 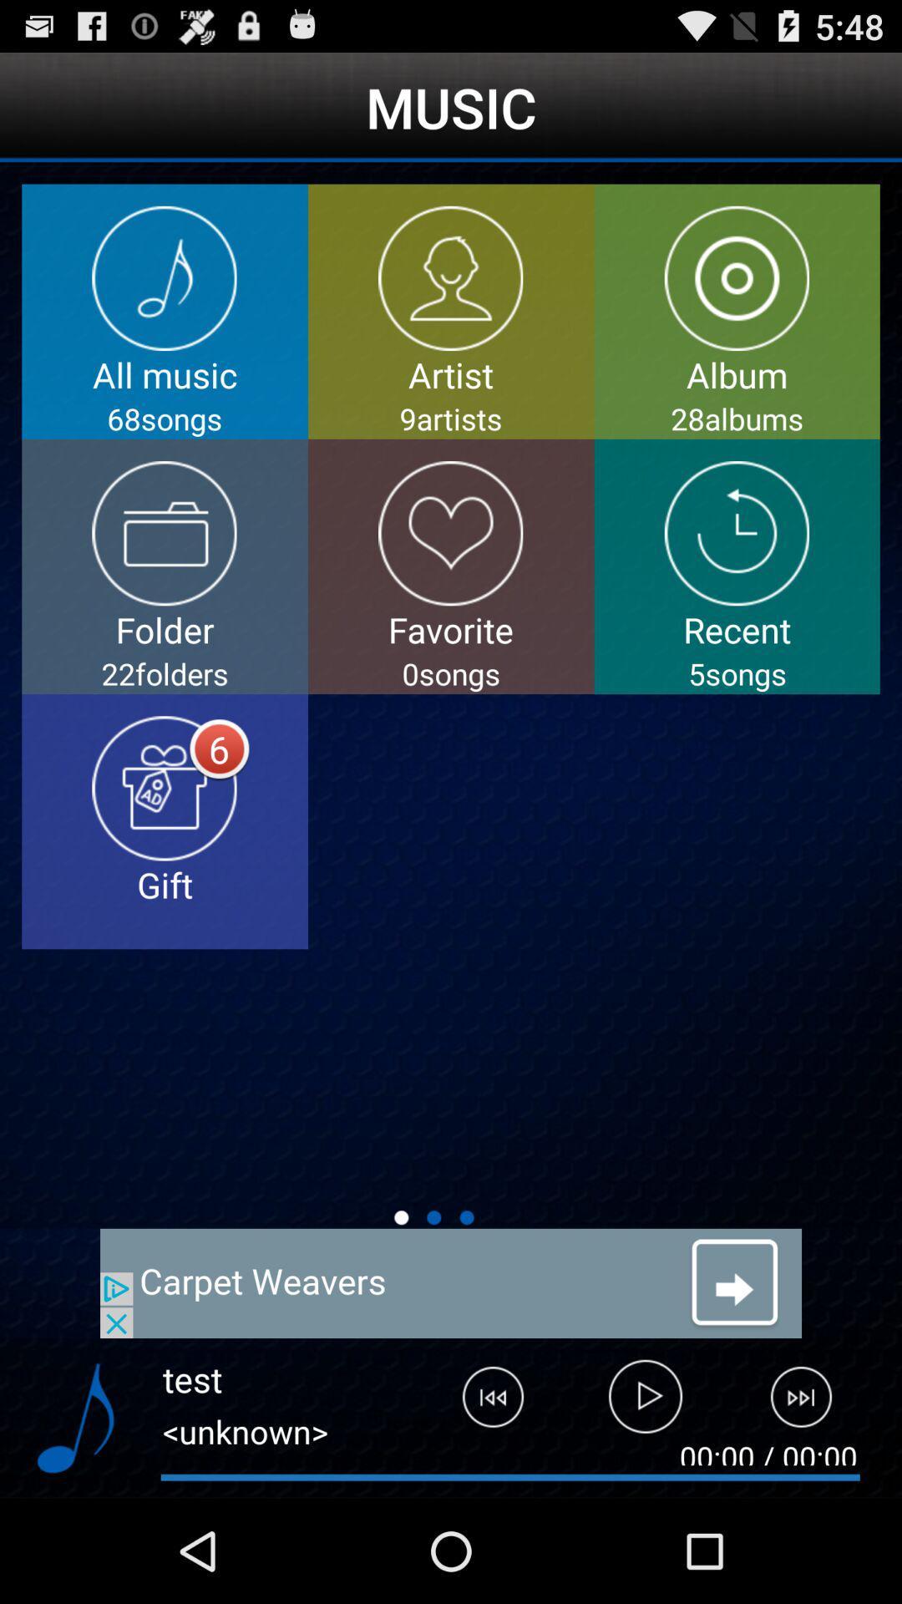 I want to click on the skip_next icon, so click(x=811, y=1503).